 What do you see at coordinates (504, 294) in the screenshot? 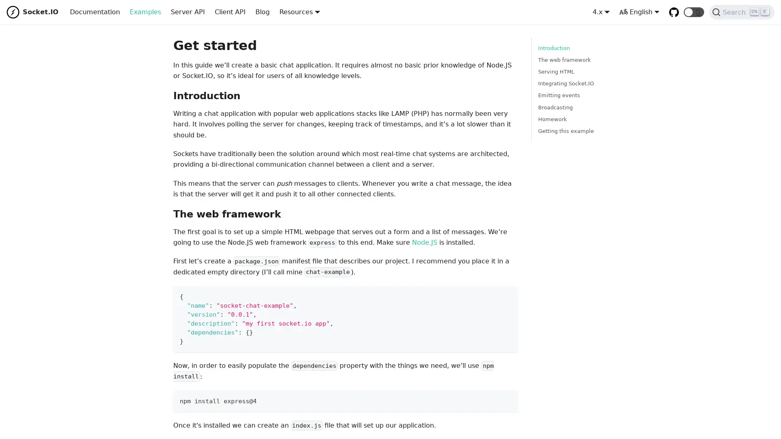
I see `Copy code to clipboard` at bounding box center [504, 294].